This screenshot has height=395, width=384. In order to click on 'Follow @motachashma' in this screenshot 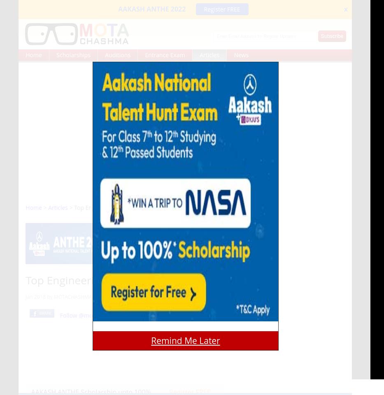, I will do `click(91, 314)`.